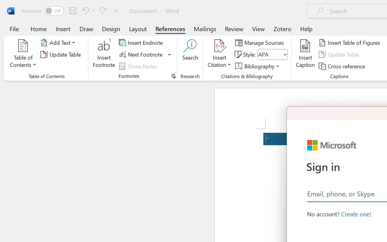  I want to click on 'Style', so click(272, 54).